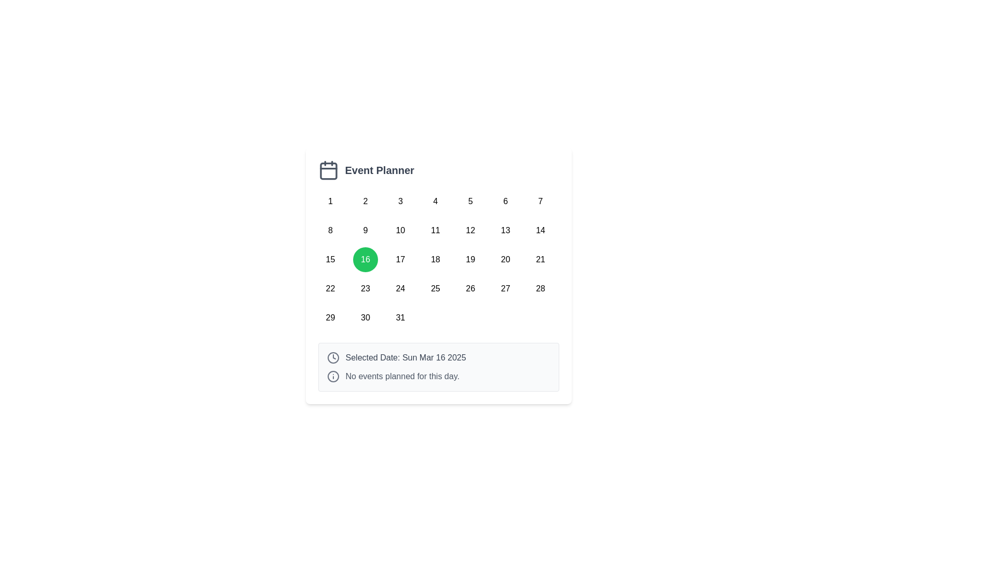 The image size is (997, 561). I want to click on the circular button with a white background containing the number '31' in black font, located in the bottom-right corner of the calendar grid for a highlighting effect, so click(400, 317).